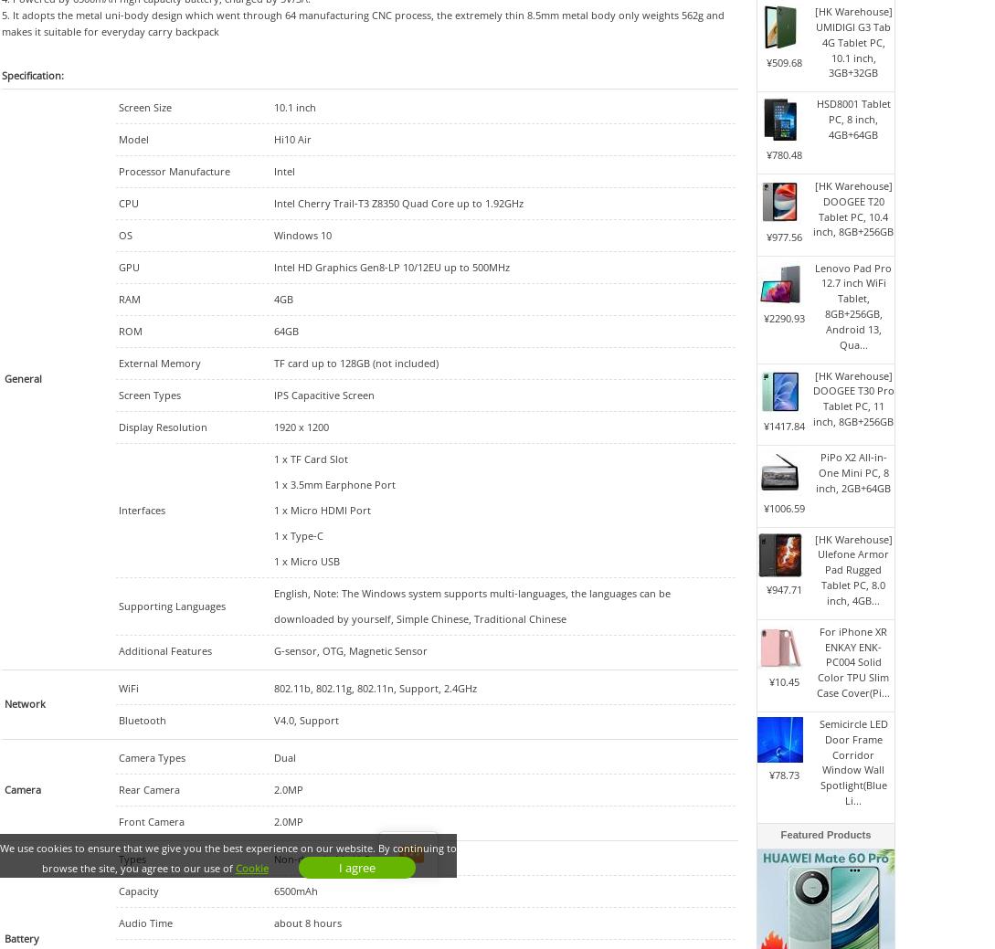  I want to click on 'Chat with us', so click(470, 854).